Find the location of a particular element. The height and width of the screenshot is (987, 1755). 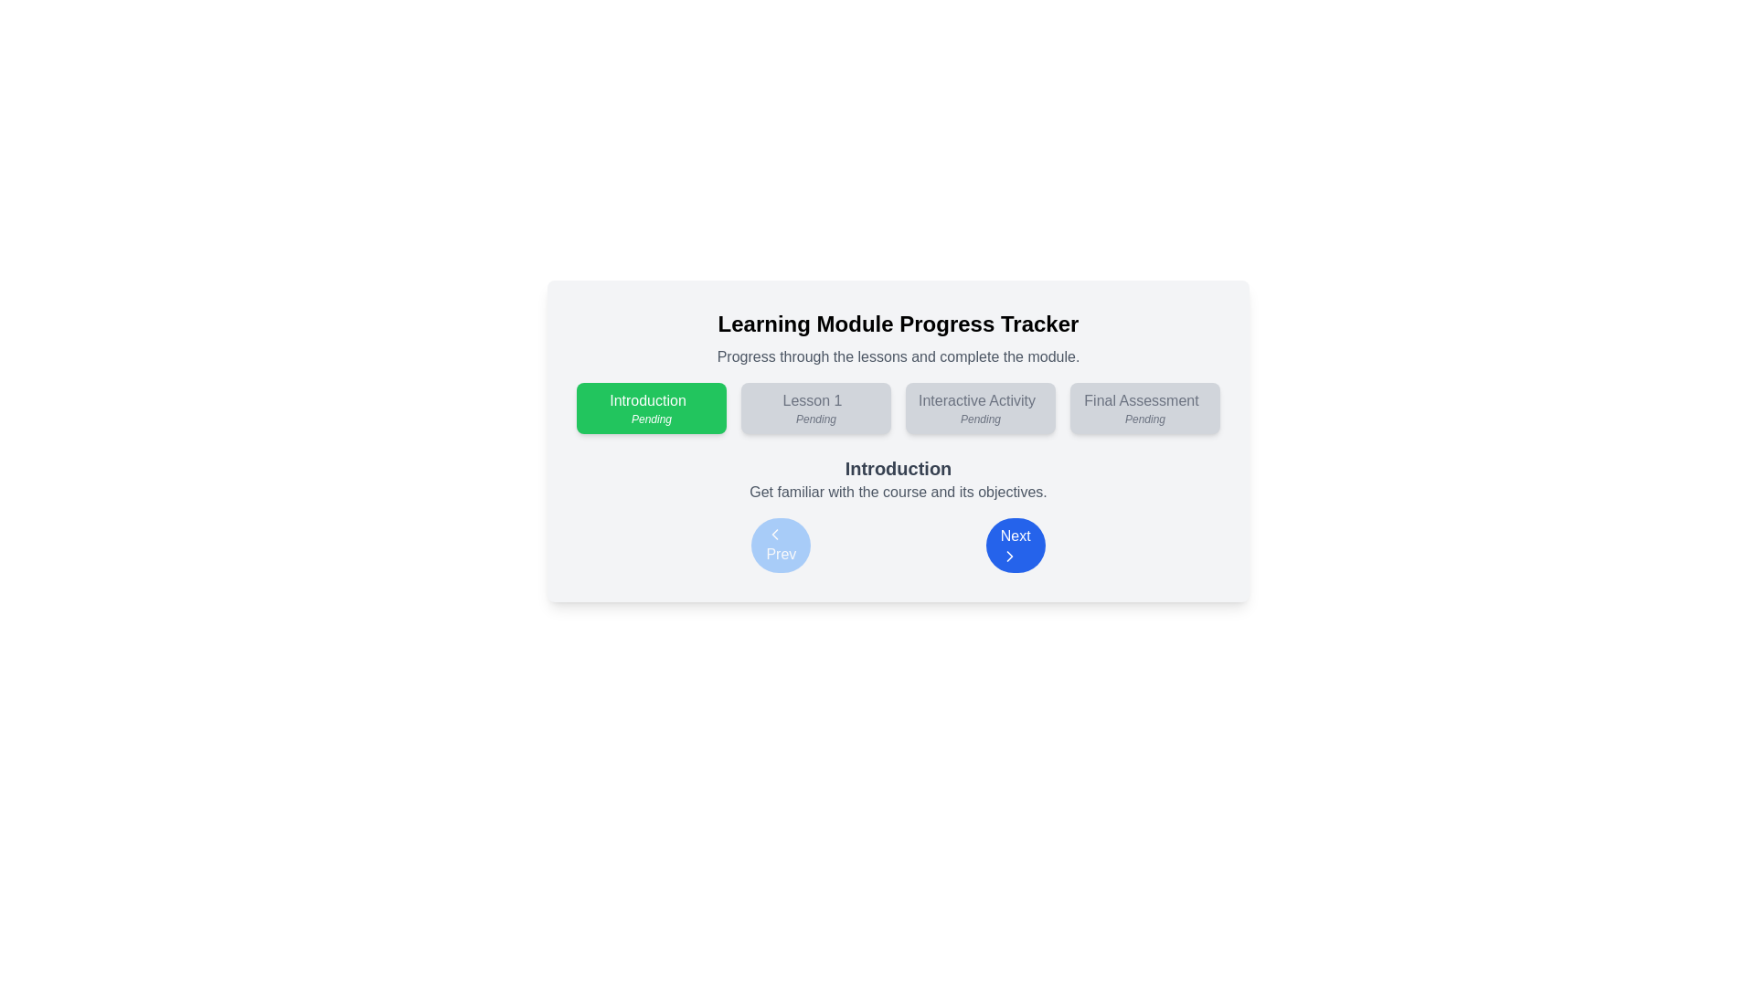

the circular blue 'Next' button with a rightward-pointing chevron icon is located at coordinates (1015, 545).